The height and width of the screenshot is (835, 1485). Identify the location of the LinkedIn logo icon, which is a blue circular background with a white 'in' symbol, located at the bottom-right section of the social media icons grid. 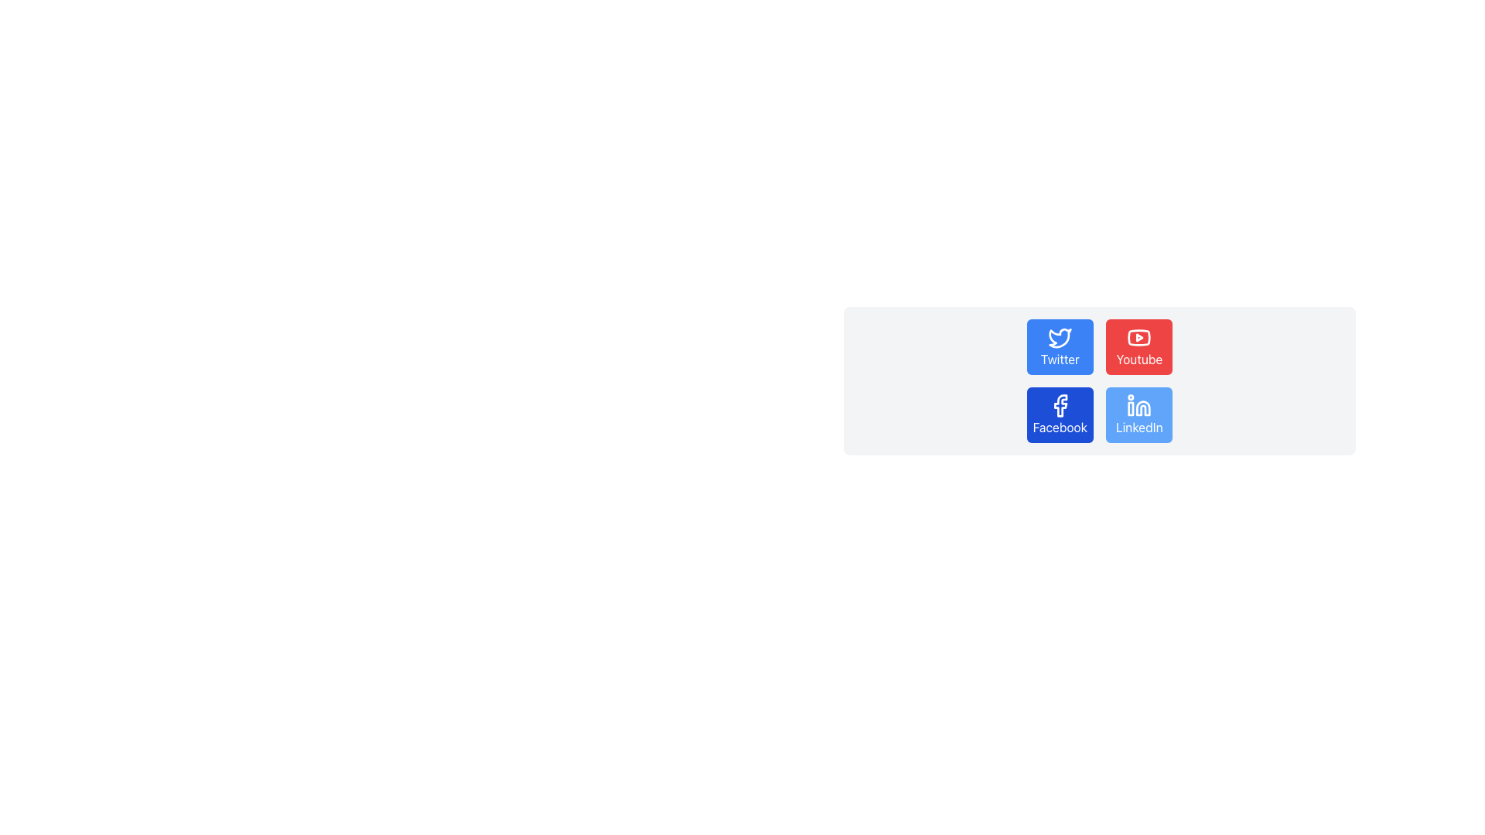
(1139, 404).